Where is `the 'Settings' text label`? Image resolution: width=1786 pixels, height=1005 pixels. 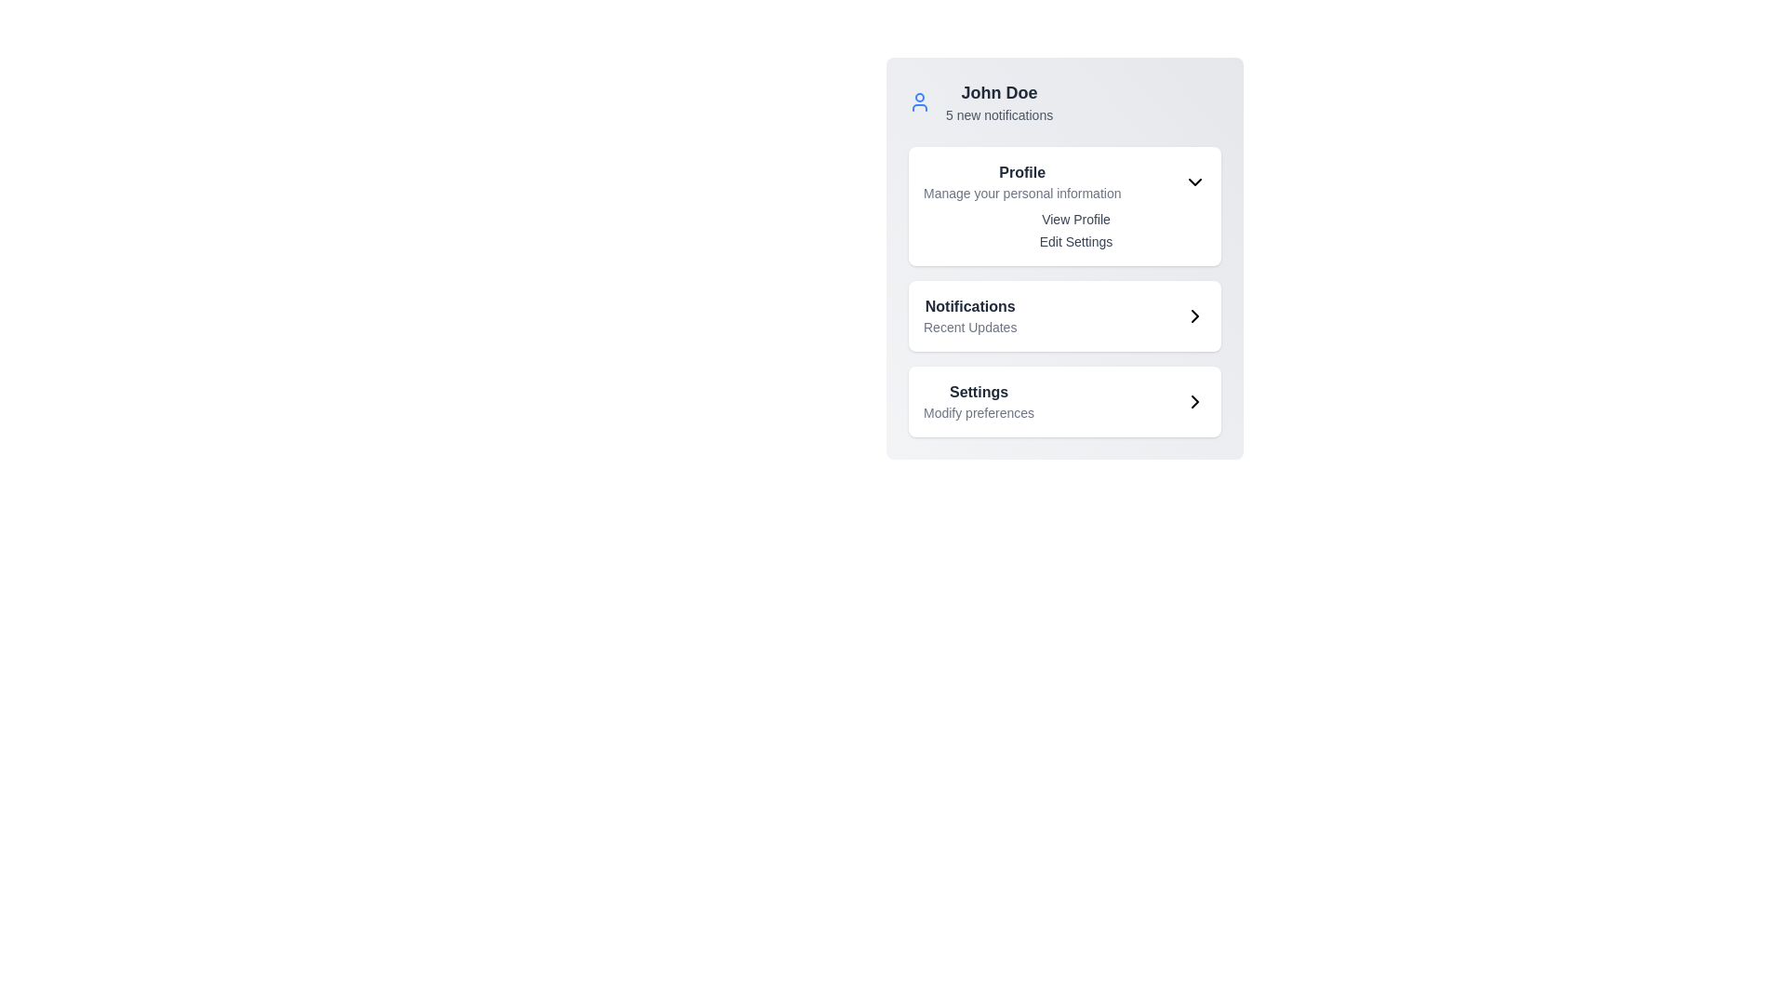 the 'Settings' text label is located at coordinates (978, 401).